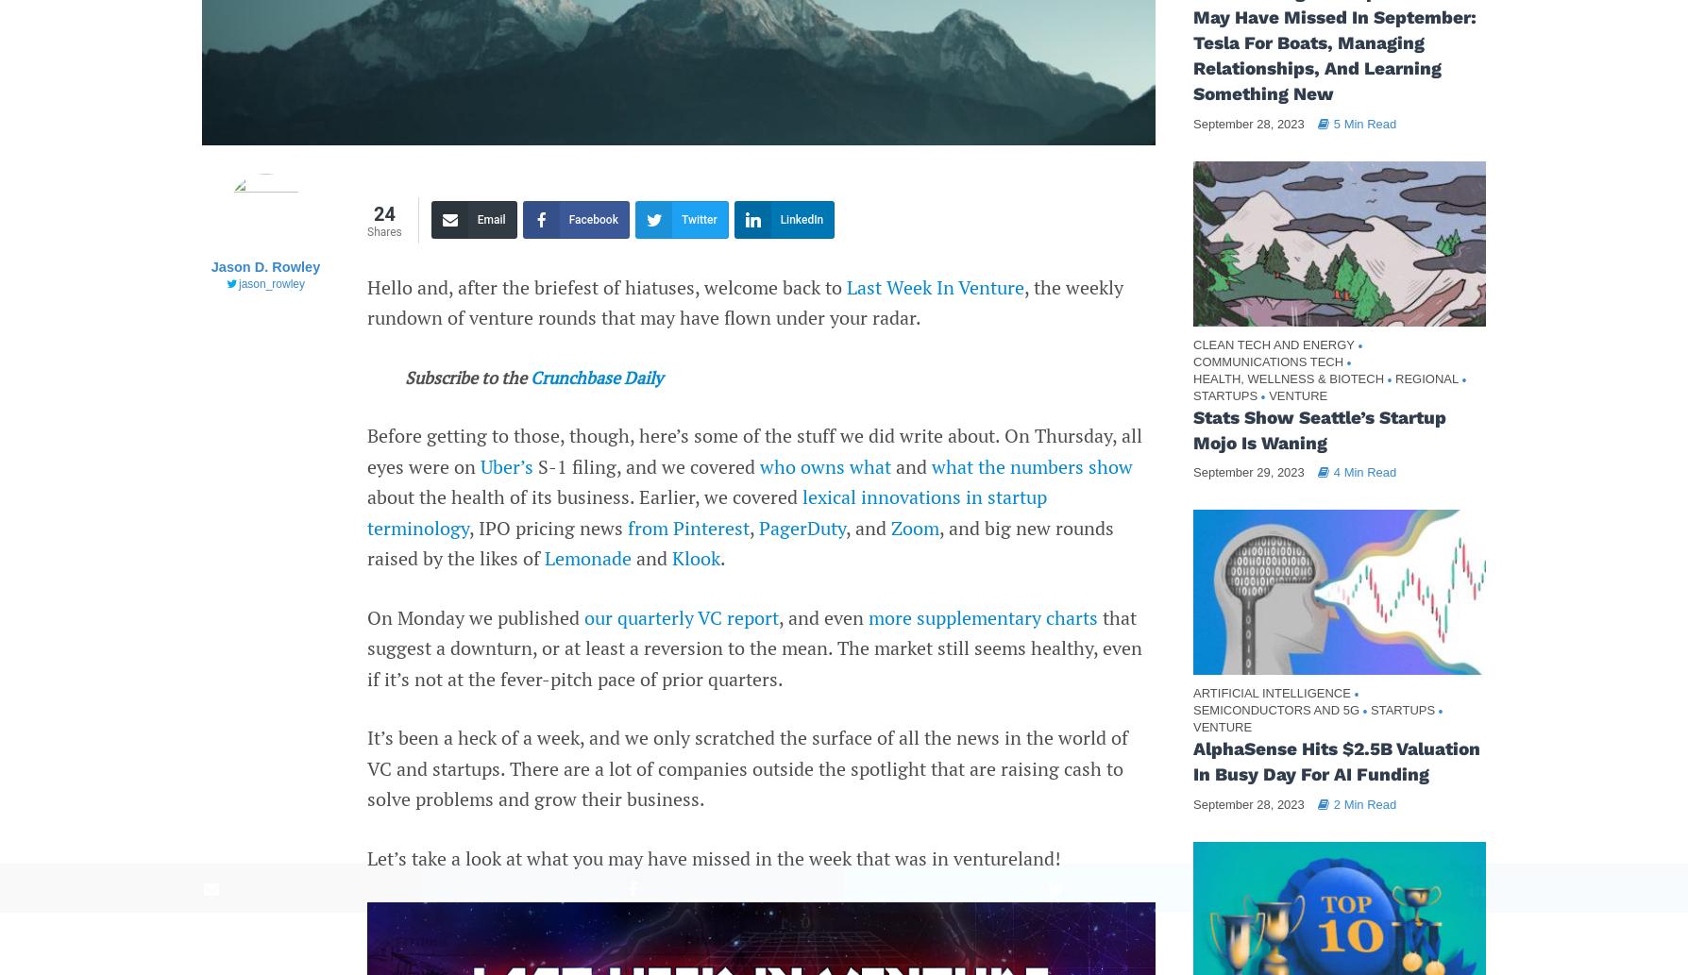 Image resolution: width=1688 pixels, height=975 pixels. What do you see at coordinates (548, 526) in the screenshot?
I see `', IPO pricing news'` at bounding box center [548, 526].